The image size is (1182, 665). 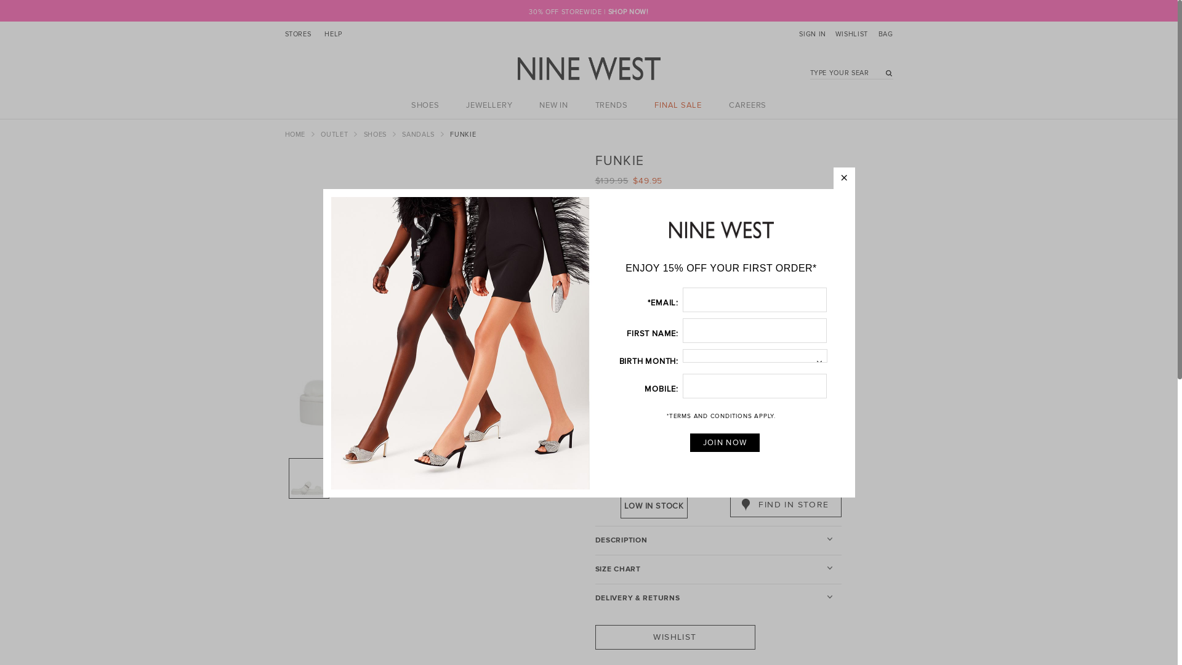 I want to click on 'STORES', so click(x=297, y=34).